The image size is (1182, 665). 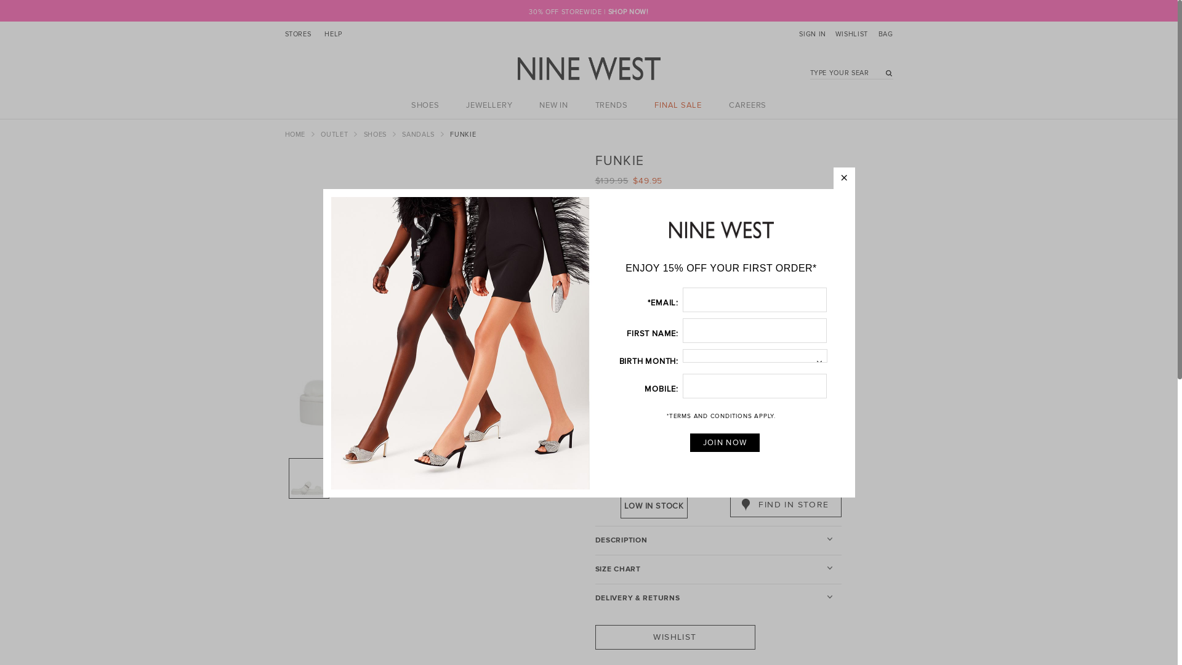 I want to click on 'STORES', so click(x=297, y=34).